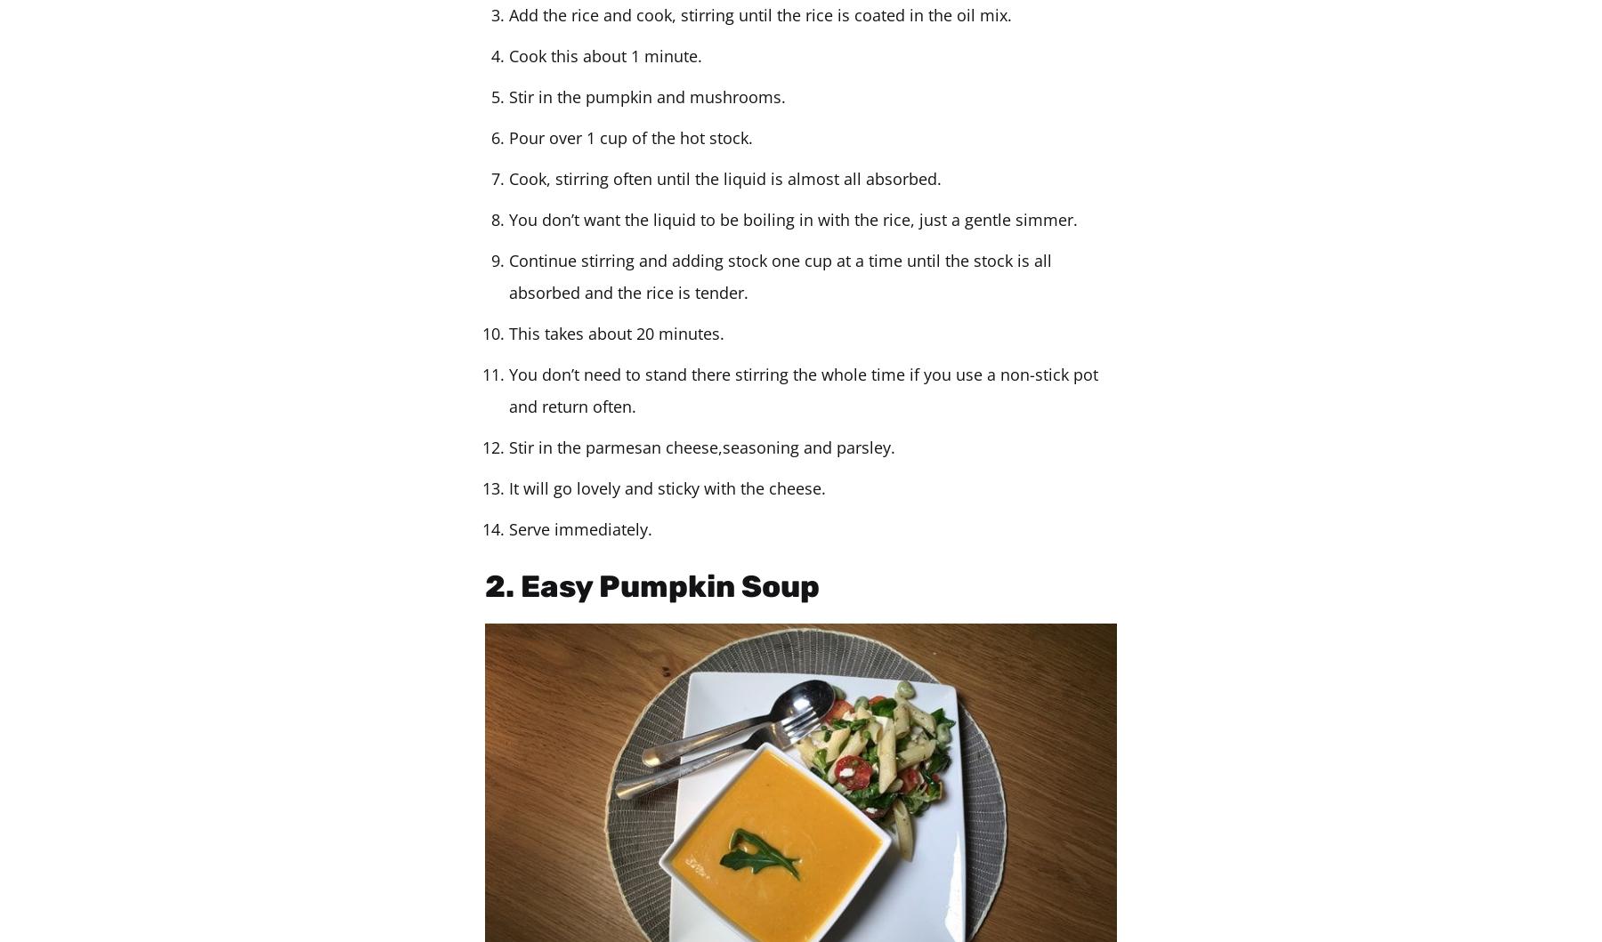 The image size is (1602, 942). Describe the element at coordinates (646, 95) in the screenshot. I see `'Stir in the pumpkin and mushrooms.'` at that location.